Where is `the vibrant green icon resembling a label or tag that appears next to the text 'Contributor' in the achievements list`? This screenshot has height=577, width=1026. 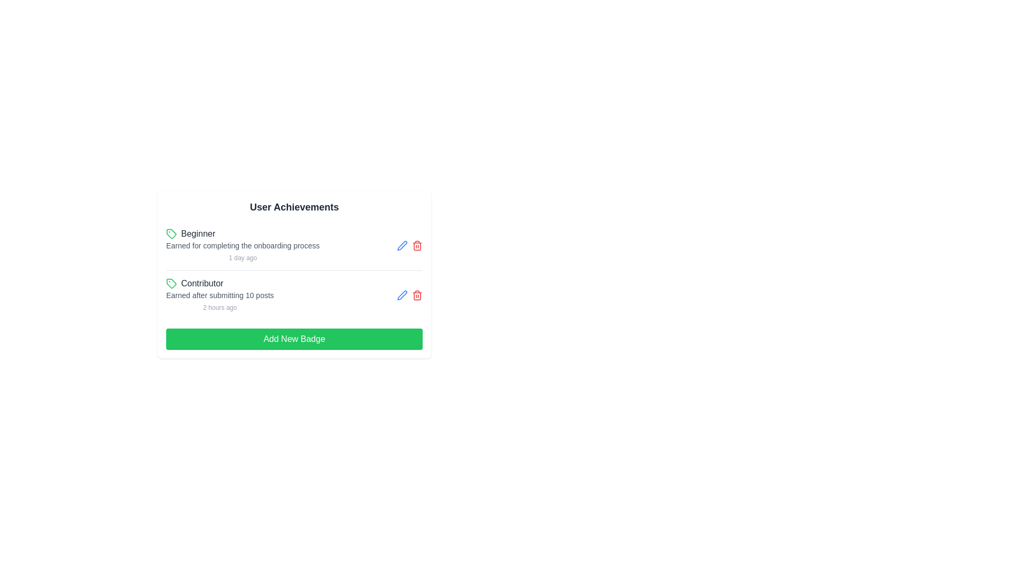
the vibrant green icon resembling a label or tag that appears next to the text 'Contributor' in the achievements list is located at coordinates (172, 283).